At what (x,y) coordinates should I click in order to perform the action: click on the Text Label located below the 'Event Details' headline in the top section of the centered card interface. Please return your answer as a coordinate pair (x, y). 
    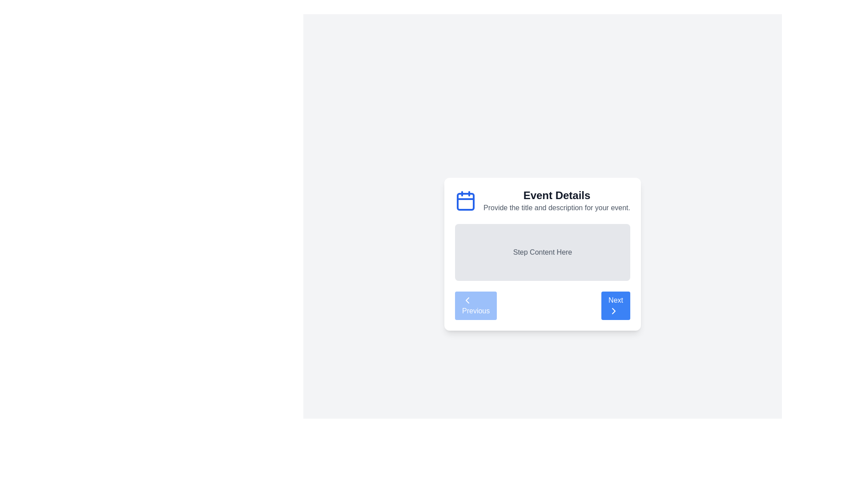
    Looking at the image, I should click on (556, 208).